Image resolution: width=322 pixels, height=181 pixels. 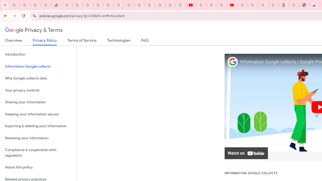 I want to click on 'Why Google collects data', so click(x=38, y=78).